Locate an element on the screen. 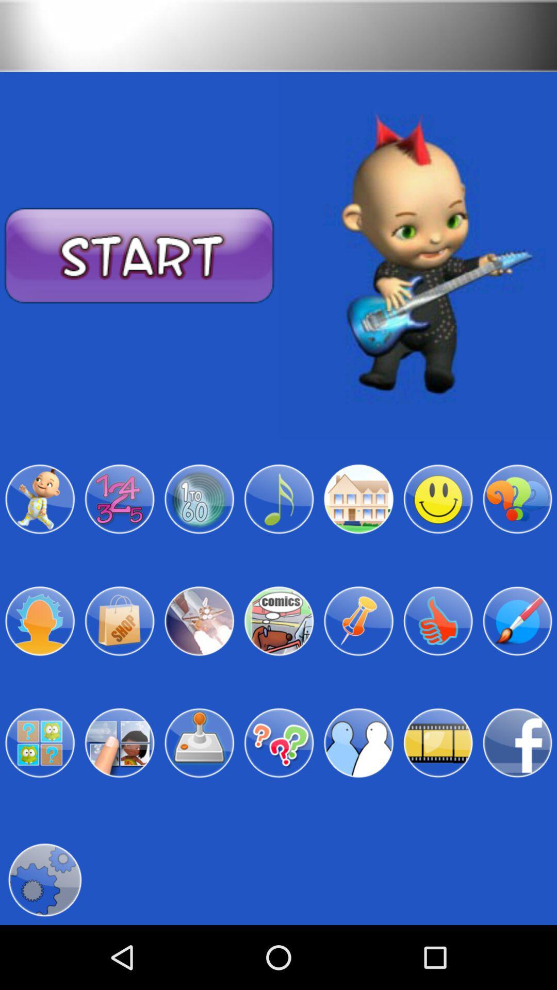 The image size is (557, 990). character design is located at coordinates (39, 499).